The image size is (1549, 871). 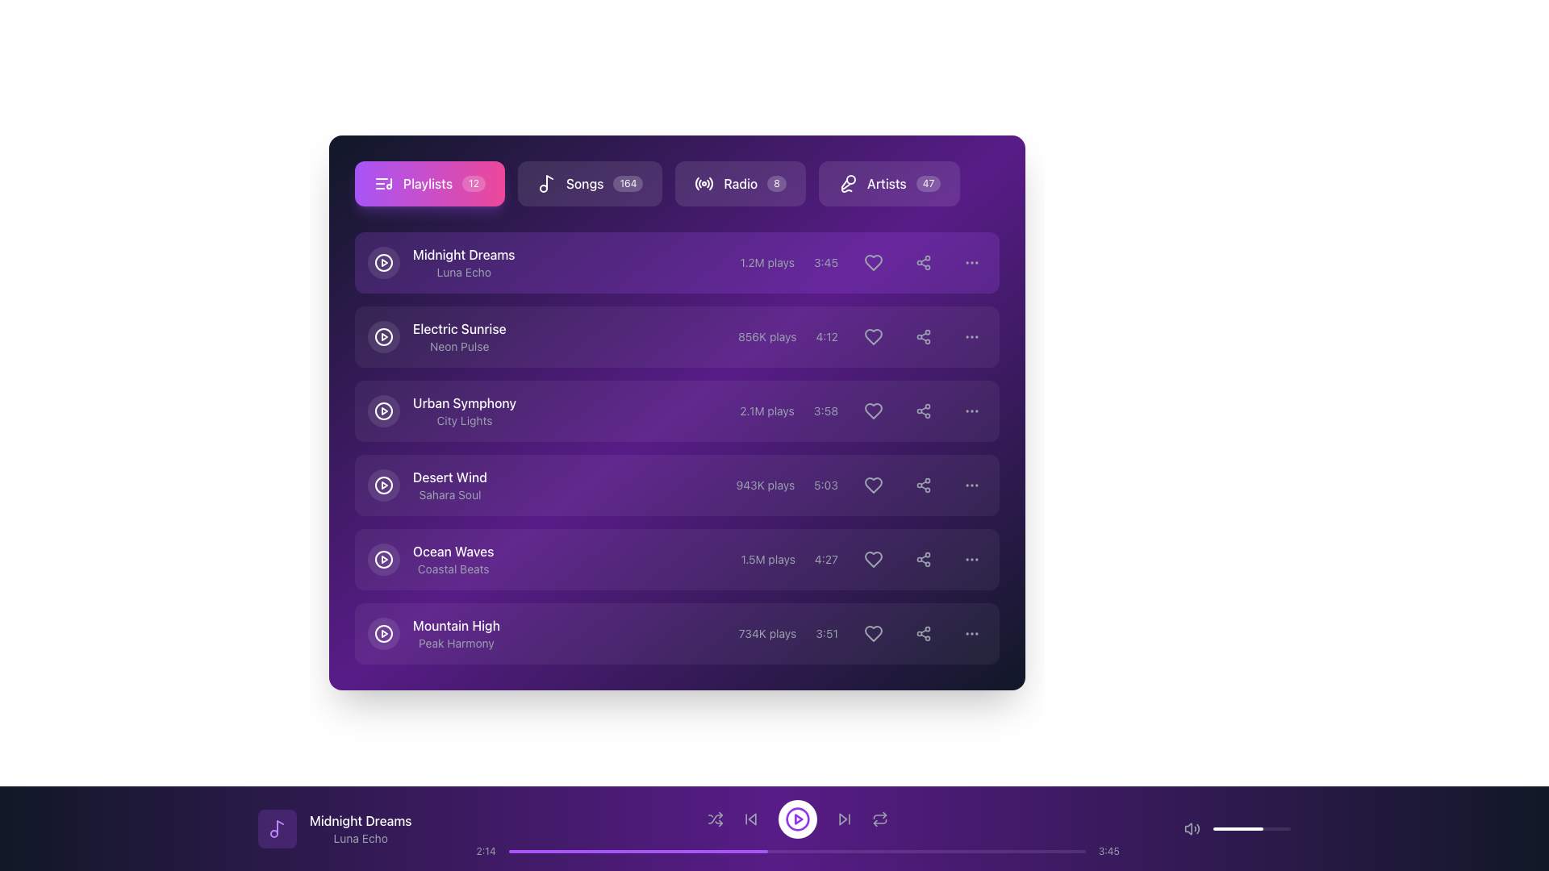 I want to click on the text label displaying '856K plays', which is styled in light grey and located in the second row of the list structure, between the song title and artist name and the duration display, so click(x=766, y=335).